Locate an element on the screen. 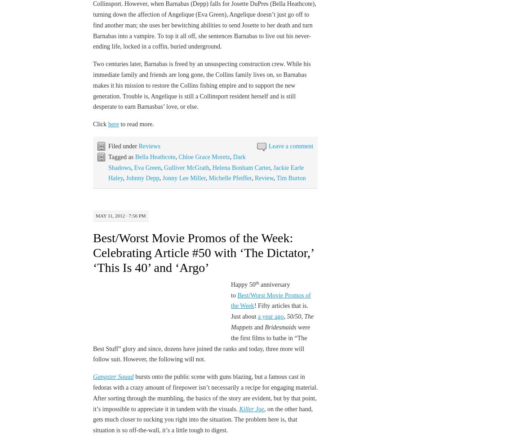  '50/50' is located at coordinates (293, 316).